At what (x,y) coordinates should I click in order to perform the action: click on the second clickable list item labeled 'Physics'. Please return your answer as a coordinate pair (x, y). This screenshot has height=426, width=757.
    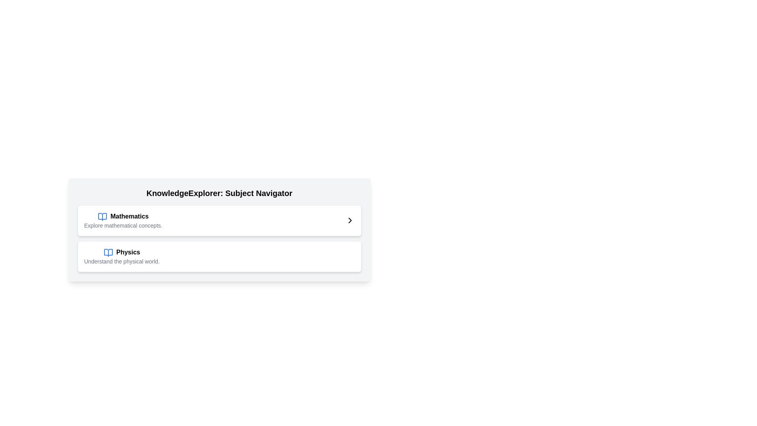
    Looking at the image, I should click on (219, 256).